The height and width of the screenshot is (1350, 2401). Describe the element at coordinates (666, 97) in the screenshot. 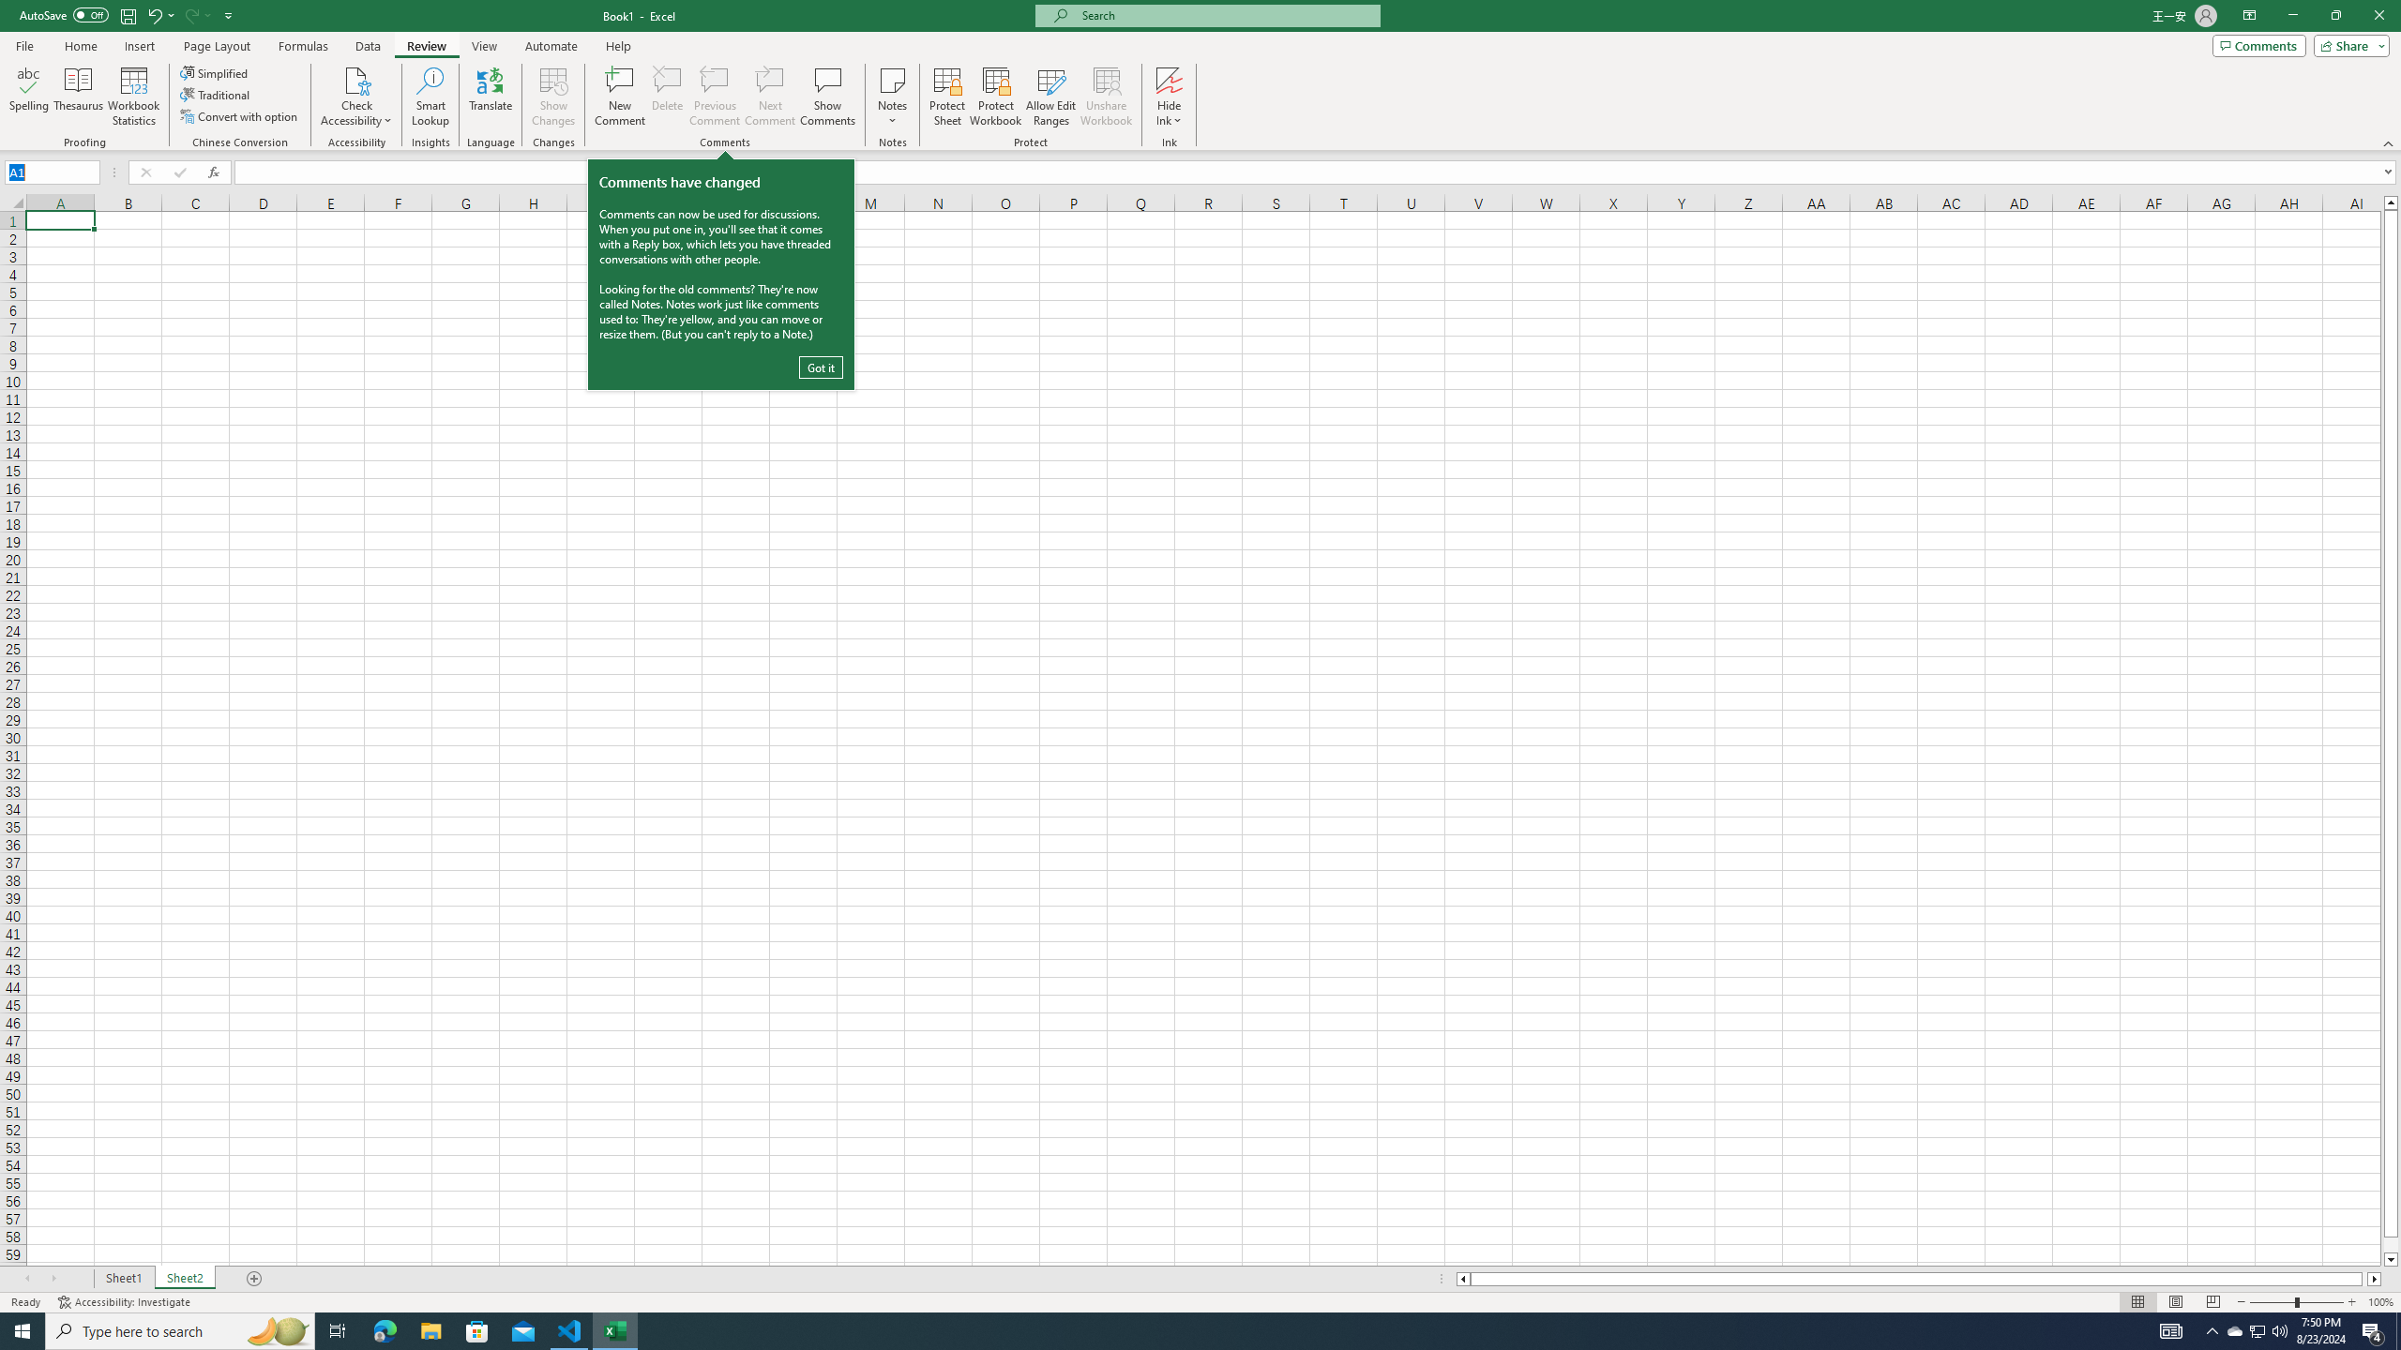

I see `'Delete'` at that location.